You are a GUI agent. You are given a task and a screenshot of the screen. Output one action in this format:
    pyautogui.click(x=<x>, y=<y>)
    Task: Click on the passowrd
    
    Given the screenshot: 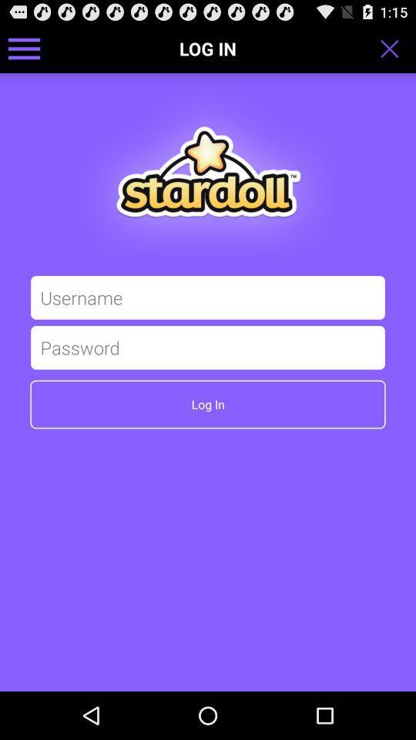 What is the action you would take?
    pyautogui.click(x=208, y=347)
    